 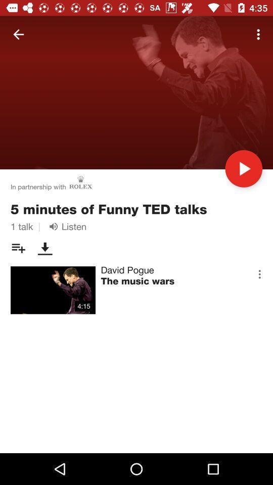 What do you see at coordinates (243, 169) in the screenshot?
I see `the play icon` at bounding box center [243, 169].